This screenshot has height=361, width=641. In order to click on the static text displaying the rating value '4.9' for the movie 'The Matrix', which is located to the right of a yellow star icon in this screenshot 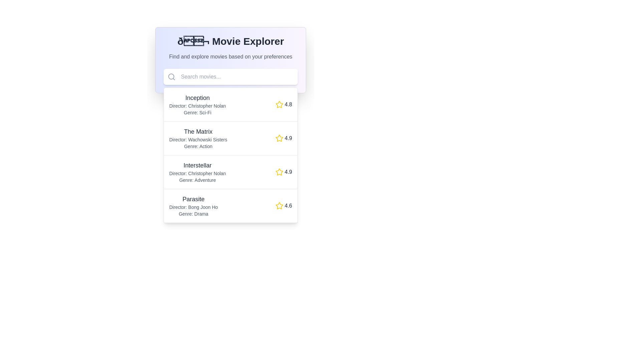, I will do `click(288, 138)`.